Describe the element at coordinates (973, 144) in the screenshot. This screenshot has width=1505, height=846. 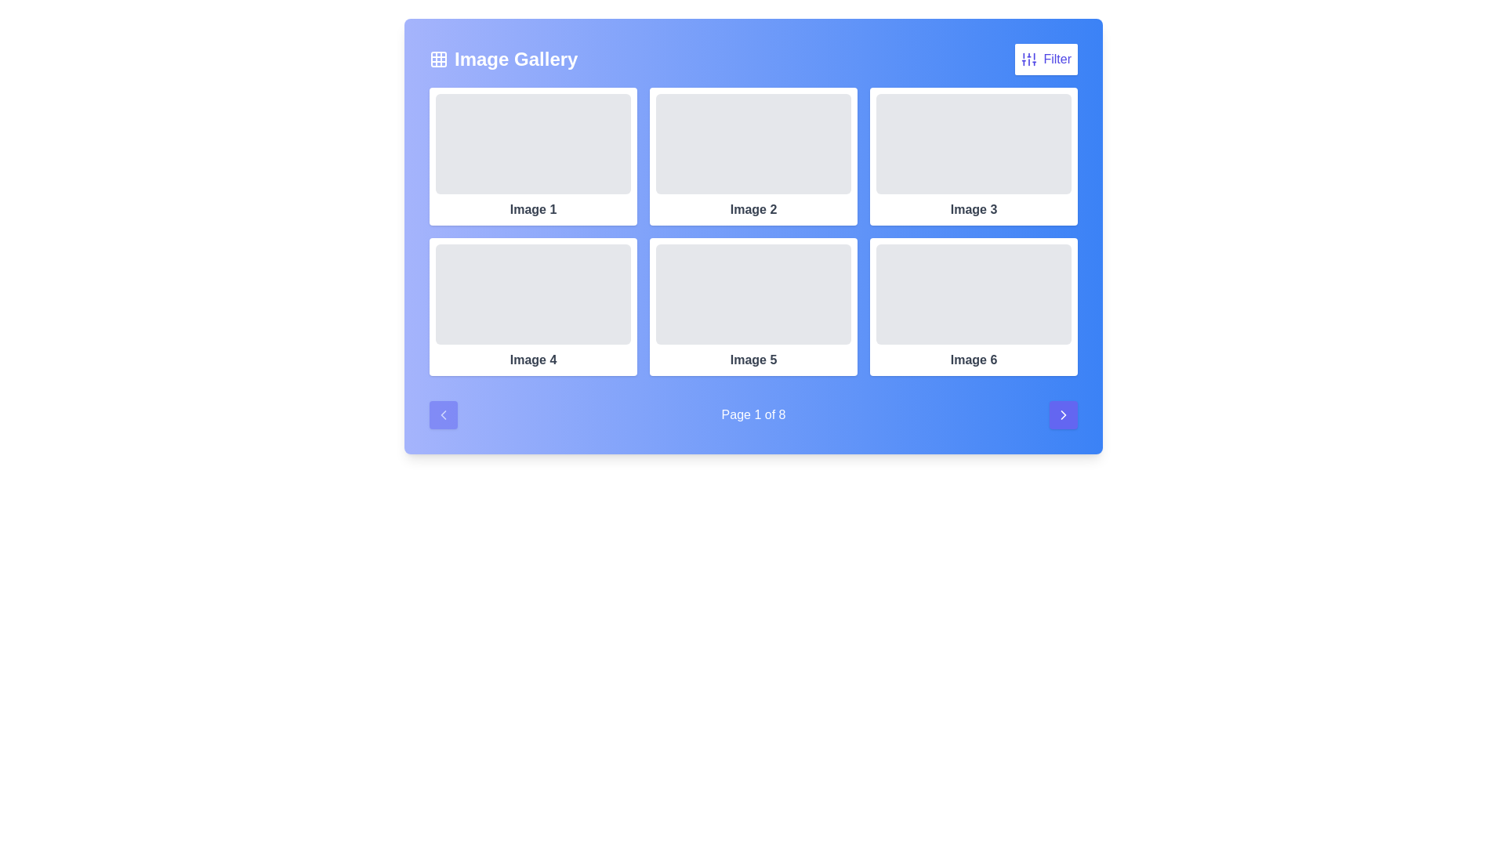
I see `the 'Image 3' placeholder element in the top-right corner of the grid` at that location.